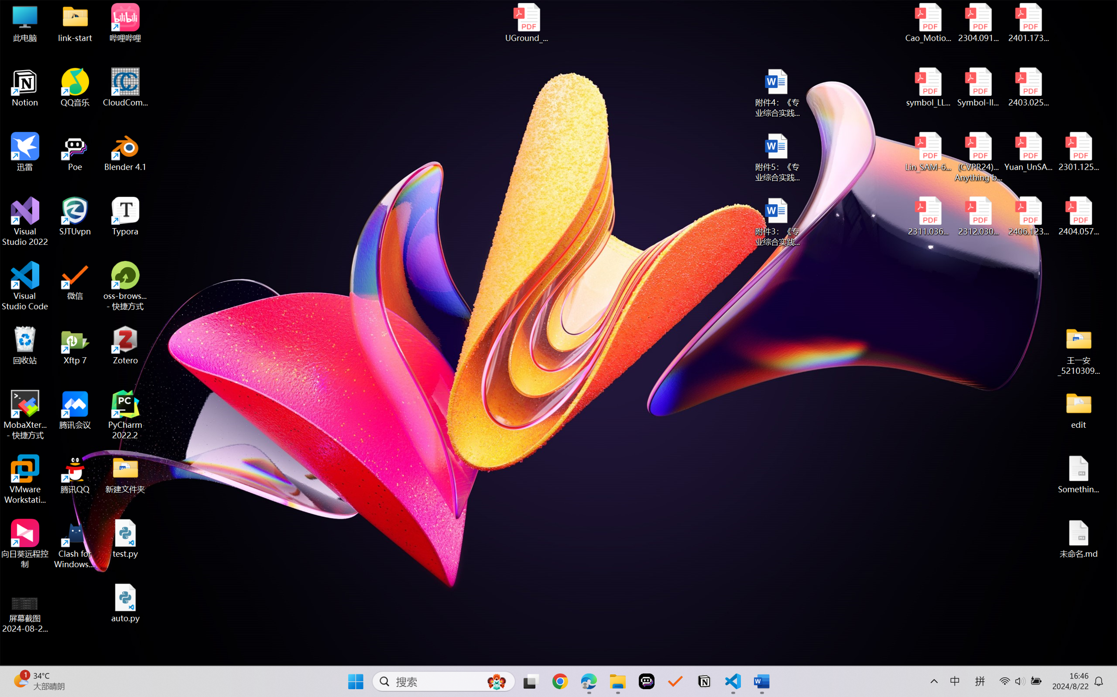 The image size is (1117, 697). What do you see at coordinates (125, 88) in the screenshot?
I see `'CloudCompare'` at bounding box center [125, 88].